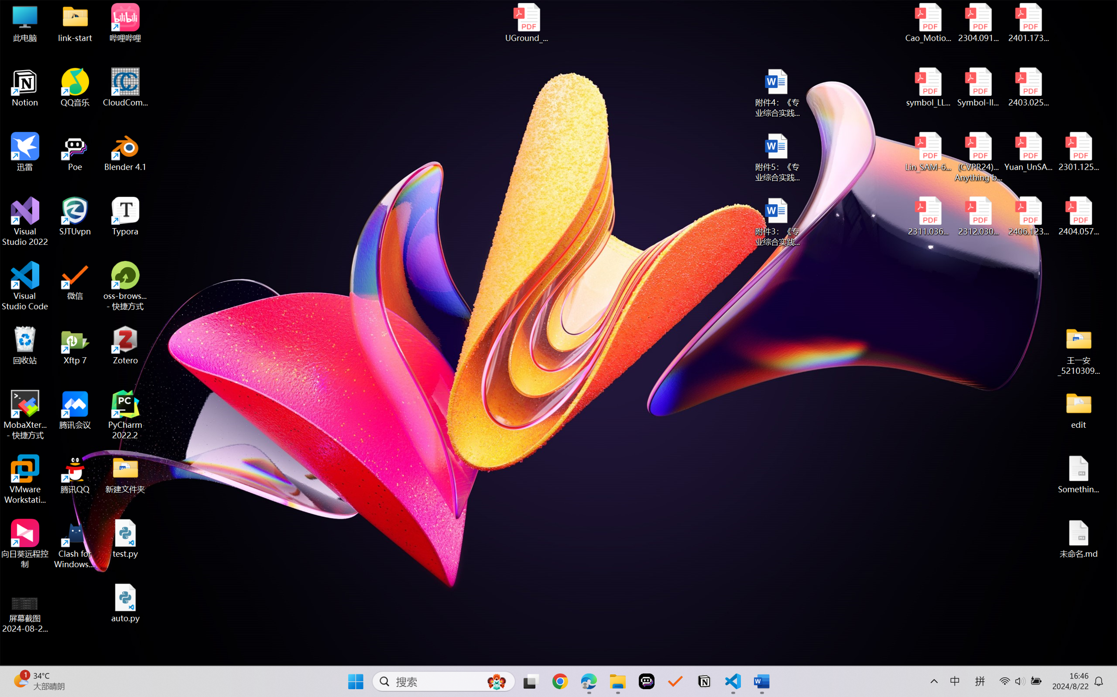 The image size is (1117, 697). What do you see at coordinates (125, 88) in the screenshot?
I see `'CloudCompare'` at bounding box center [125, 88].